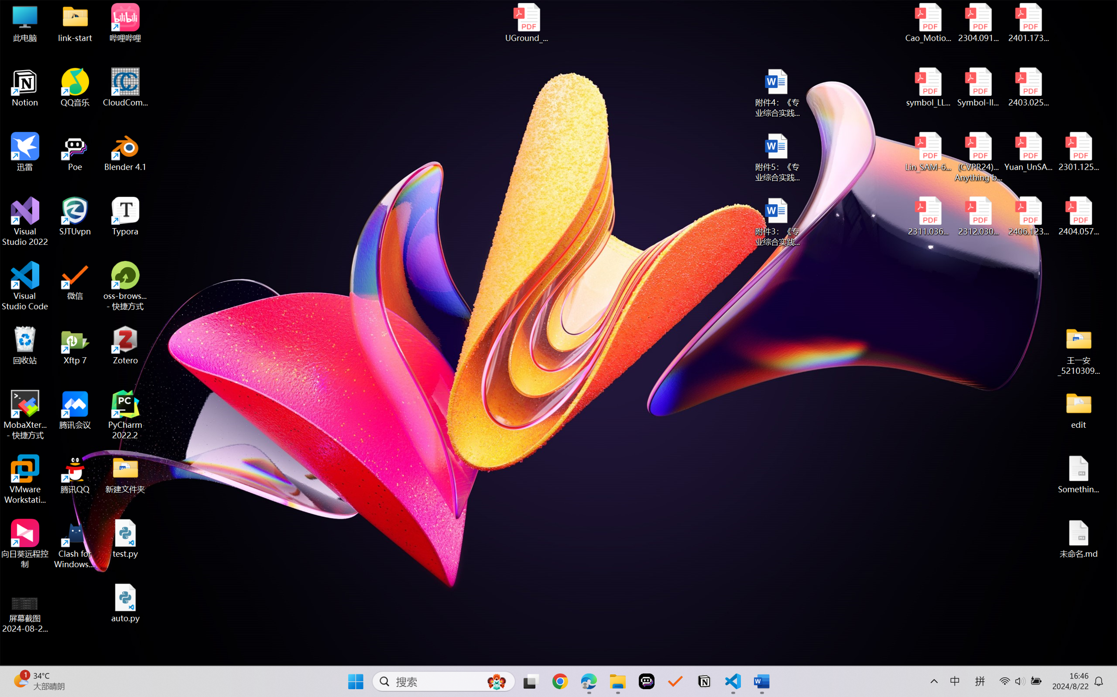 The image size is (1117, 697). What do you see at coordinates (125, 88) in the screenshot?
I see `'CloudCompare'` at bounding box center [125, 88].